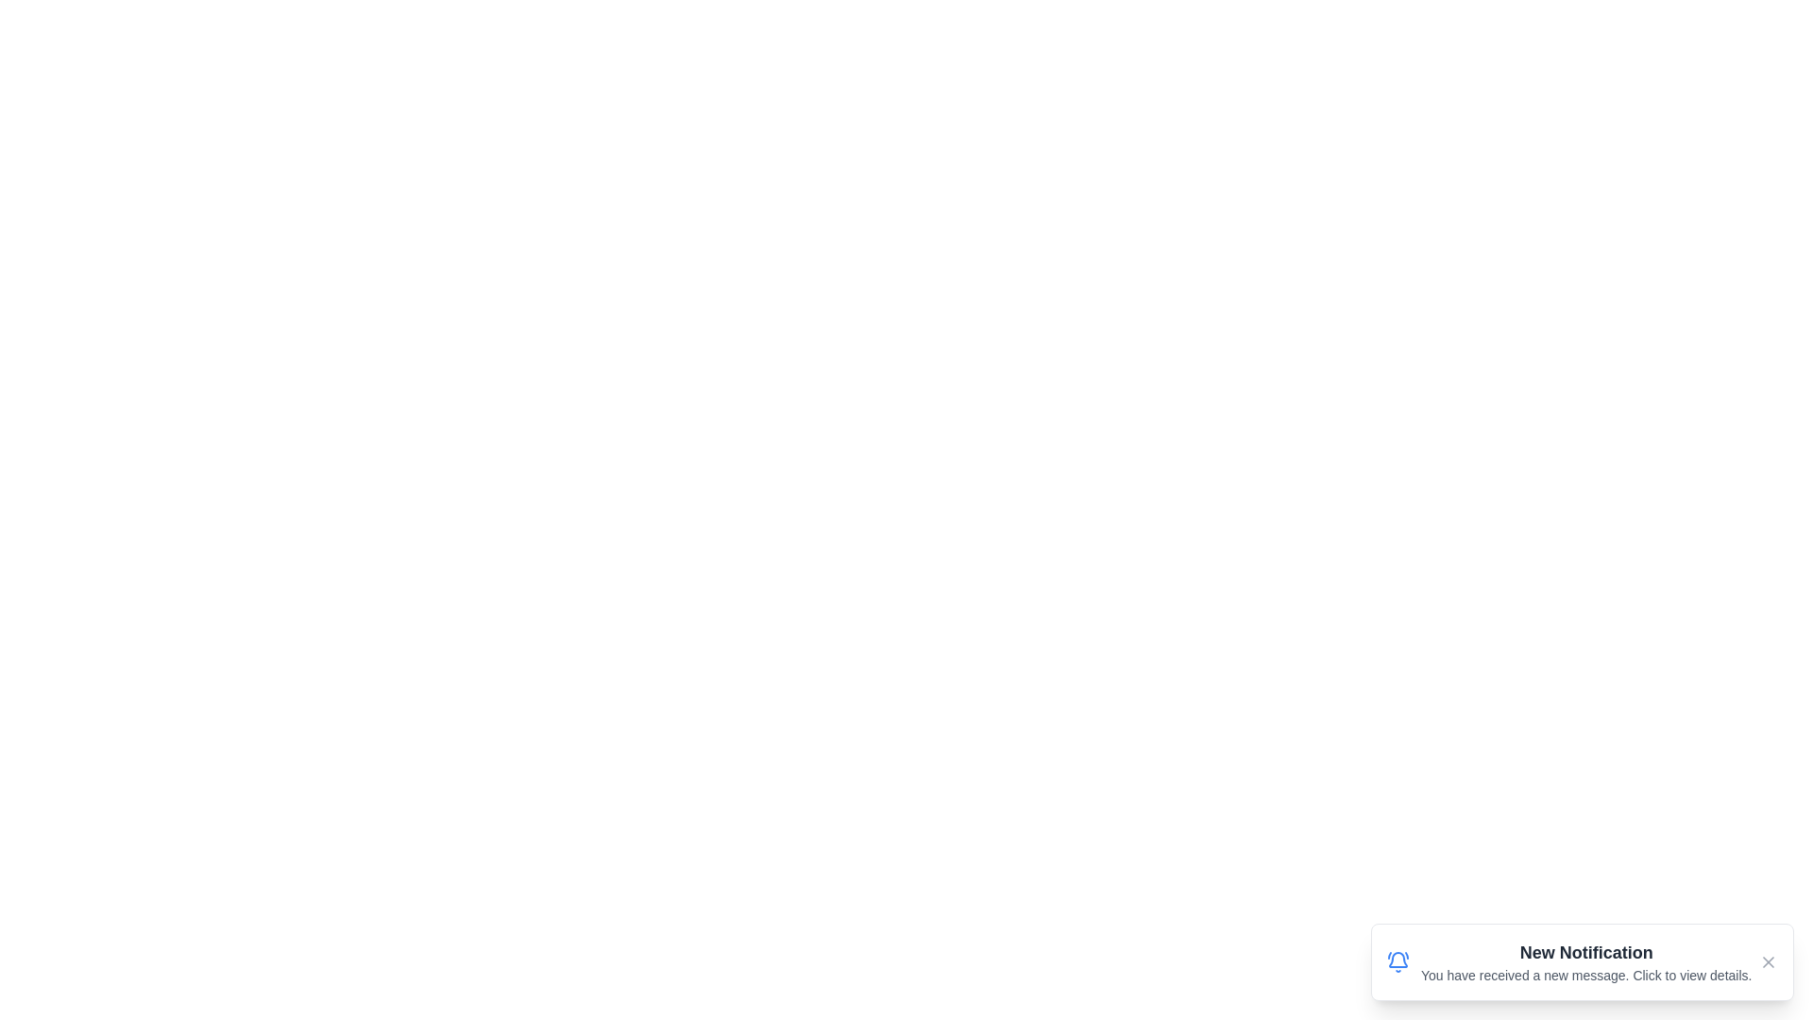  I want to click on the bell icon located in the bottom-right corner of the page, which represents notifications and is positioned beside the 'New Notification' text, so click(1398, 961).